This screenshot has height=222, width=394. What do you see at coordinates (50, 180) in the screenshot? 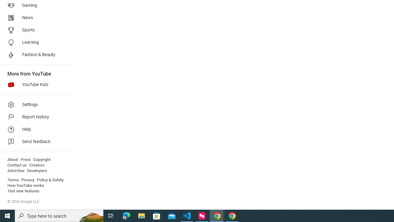
I see `'Policy & Safety'` at bounding box center [50, 180].